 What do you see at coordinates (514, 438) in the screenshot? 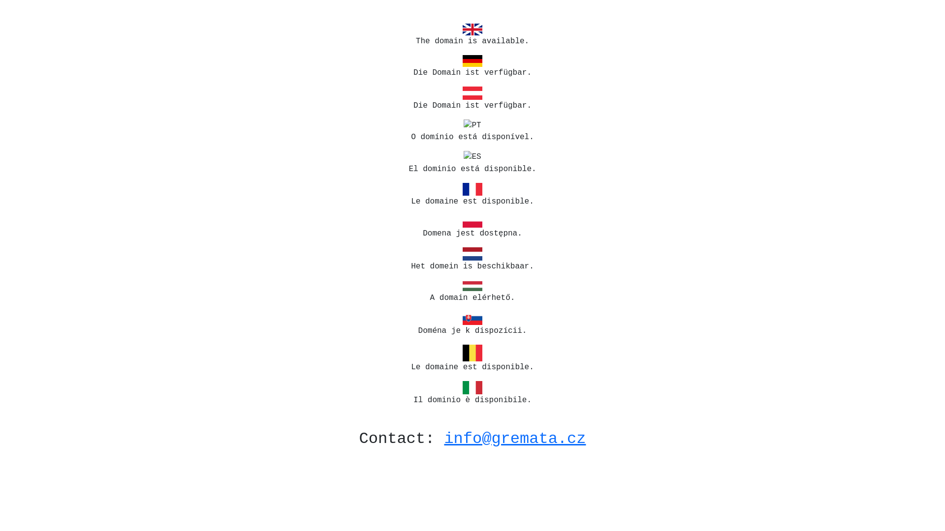
I see `'info@gremata.cz'` at bounding box center [514, 438].